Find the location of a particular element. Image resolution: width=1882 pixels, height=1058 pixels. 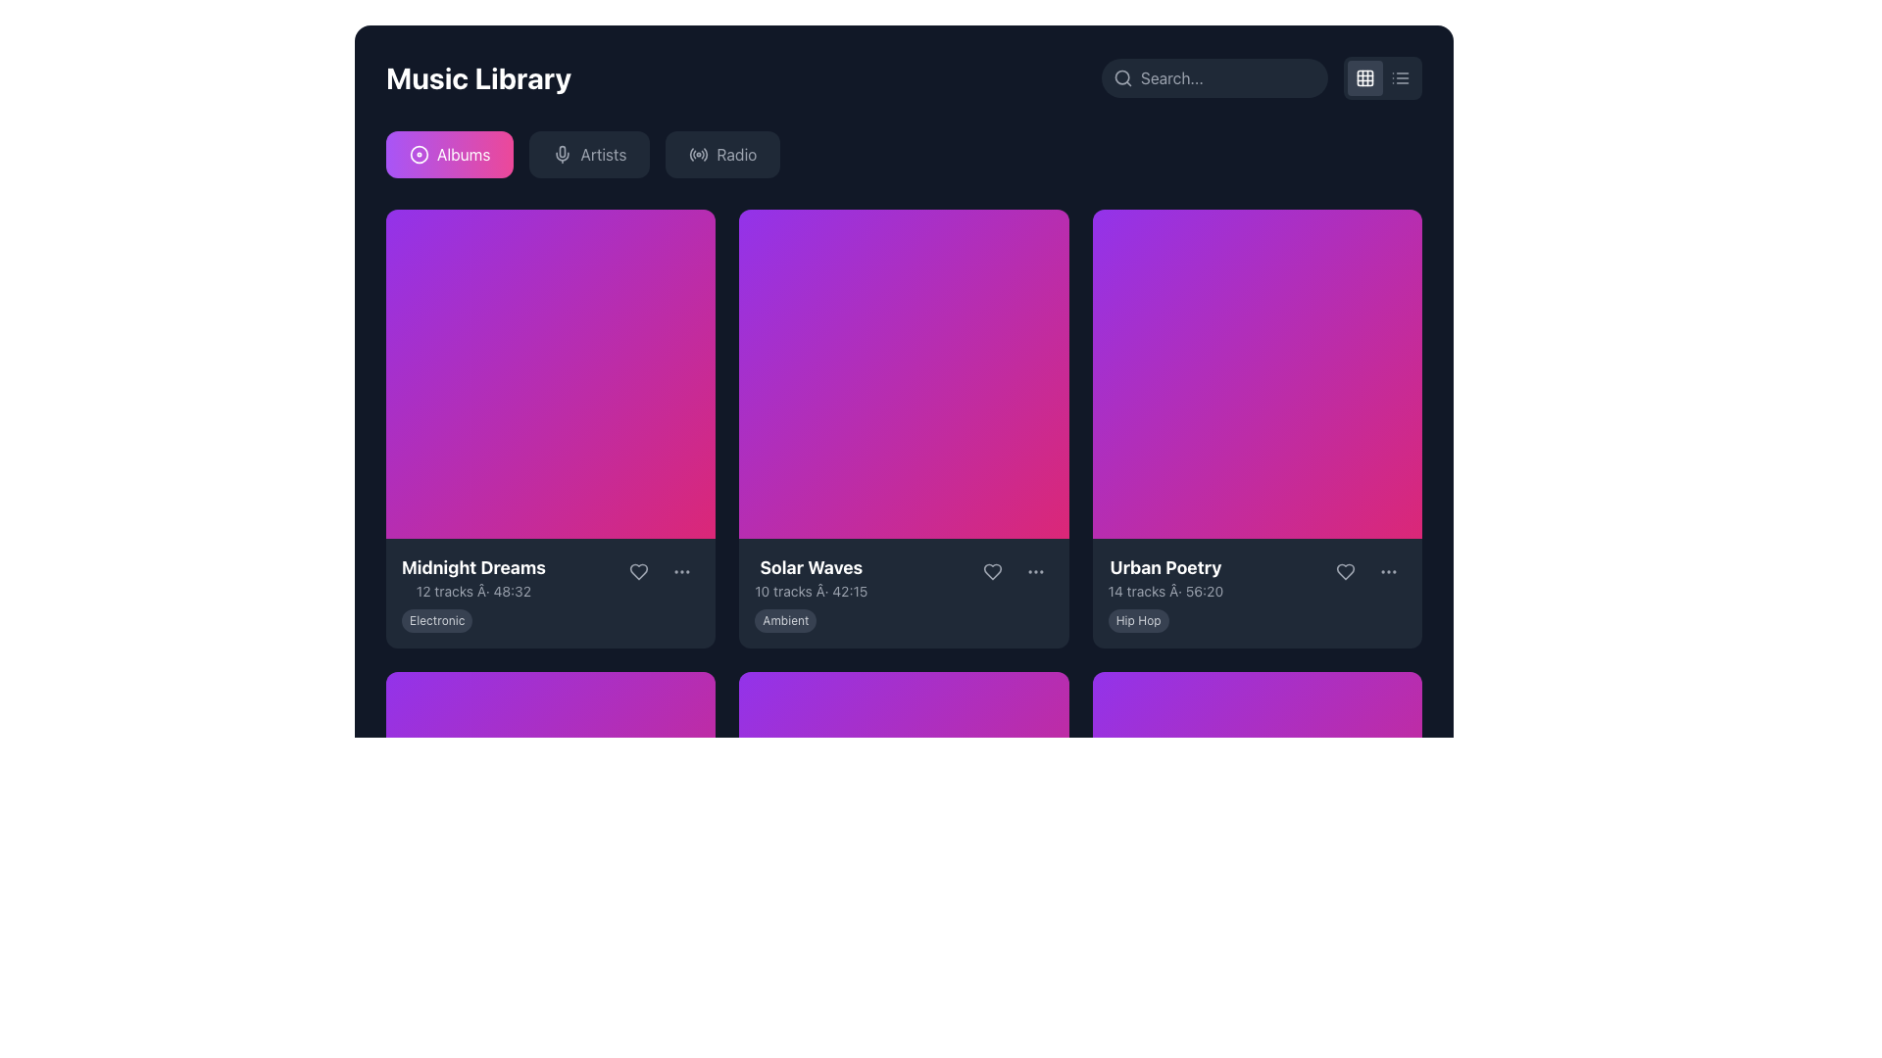

'Music Library' title text element, which serves as a header indicating the context to the user is located at coordinates (478, 77).